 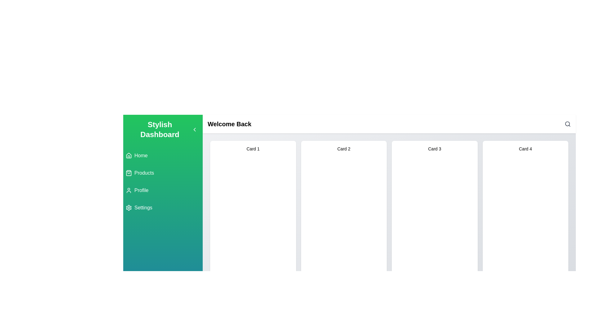 What do you see at coordinates (525, 215) in the screenshot?
I see `the 'Card 4' element, which is a rectangular card with rounded corners and a white background, located at the far right of the grid layout containing multiple cards` at bounding box center [525, 215].